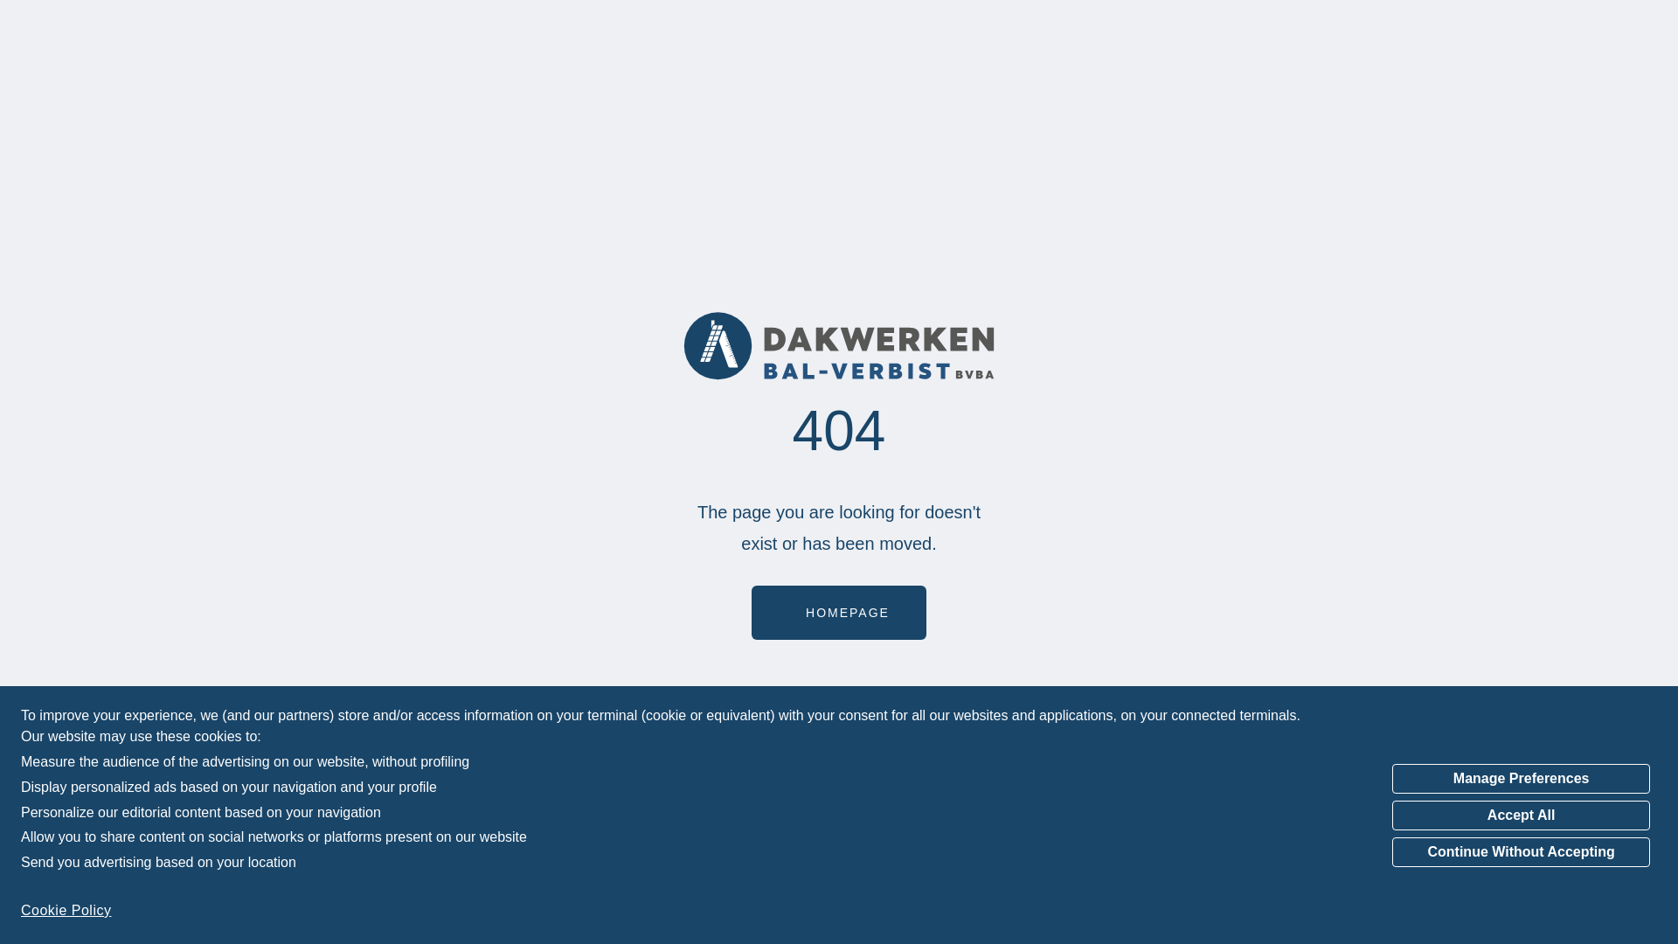 This screenshot has height=944, width=1678. Describe the element at coordinates (1520, 778) in the screenshot. I see `'Manage Preferences'` at that location.